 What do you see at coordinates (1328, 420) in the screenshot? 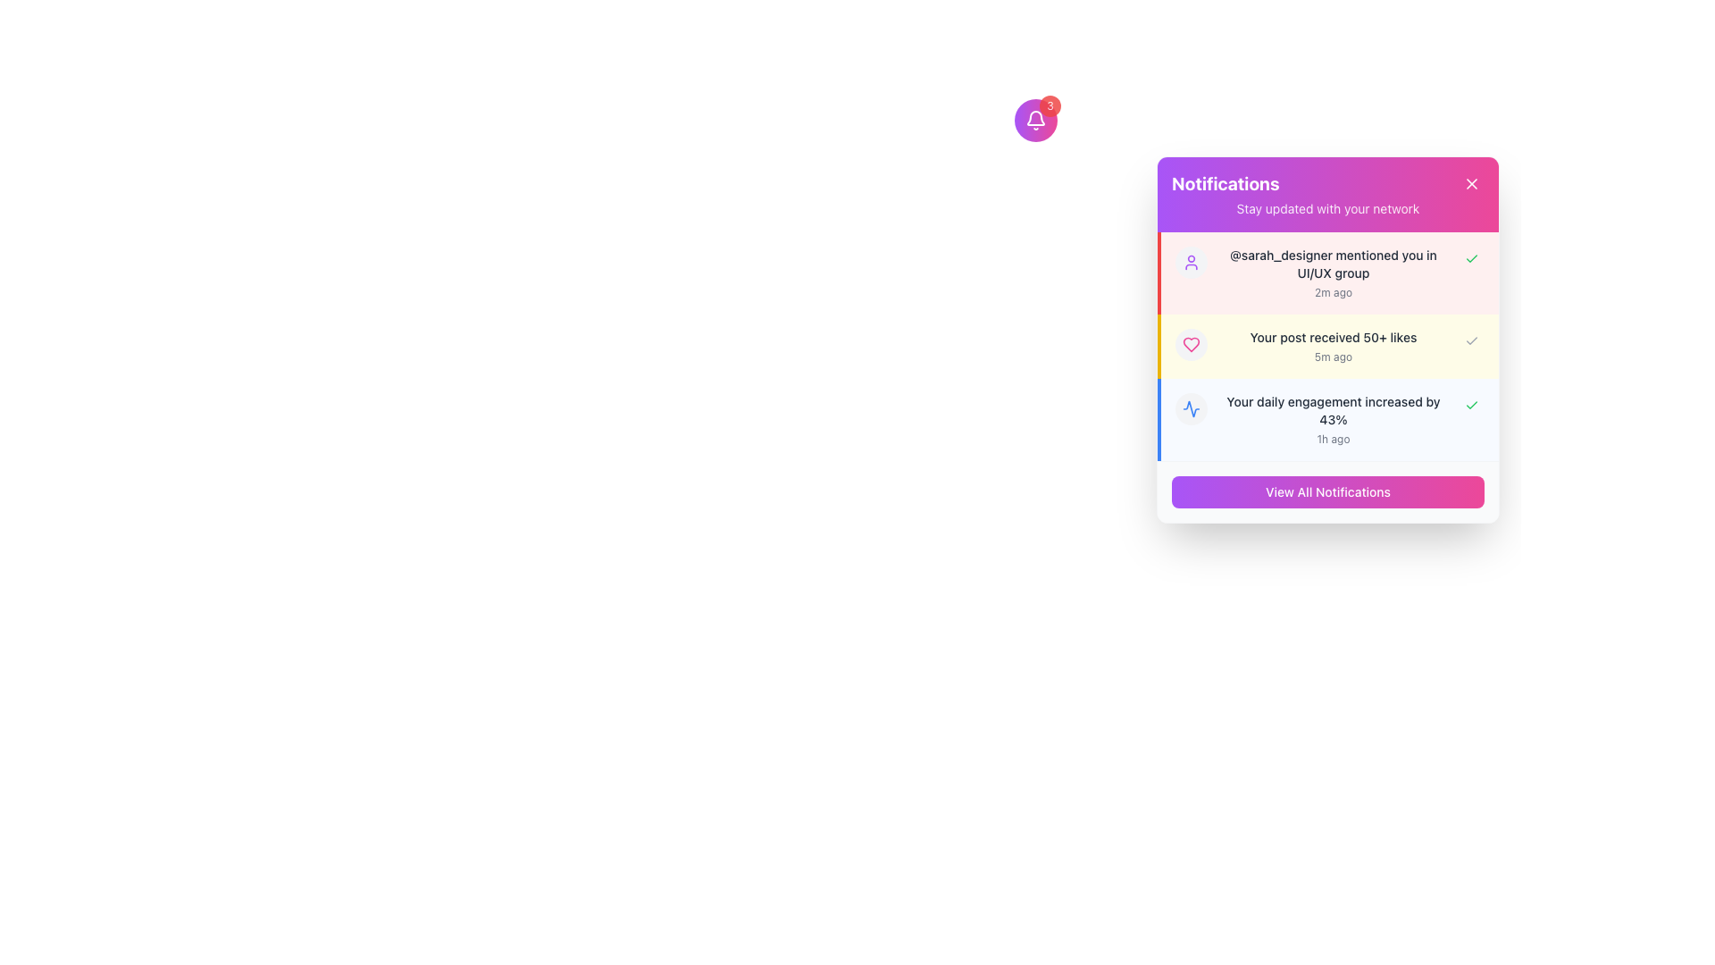
I see `the Notification card that indicates a 43% increase in daily engagement, positioned at the bottom of the notifications panel` at bounding box center [1328, 420].